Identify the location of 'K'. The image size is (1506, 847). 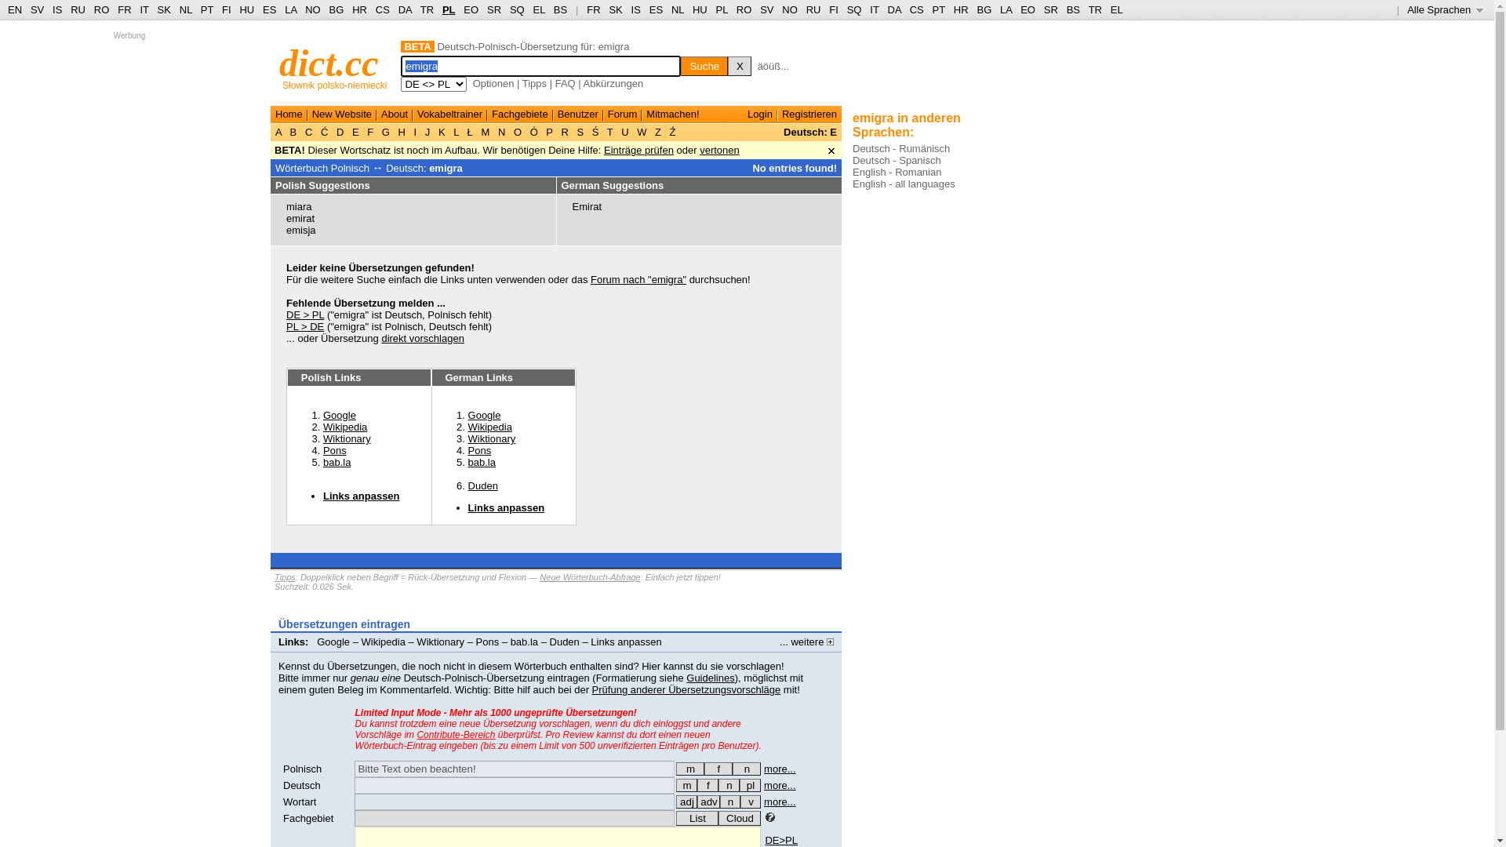
(440, 131).